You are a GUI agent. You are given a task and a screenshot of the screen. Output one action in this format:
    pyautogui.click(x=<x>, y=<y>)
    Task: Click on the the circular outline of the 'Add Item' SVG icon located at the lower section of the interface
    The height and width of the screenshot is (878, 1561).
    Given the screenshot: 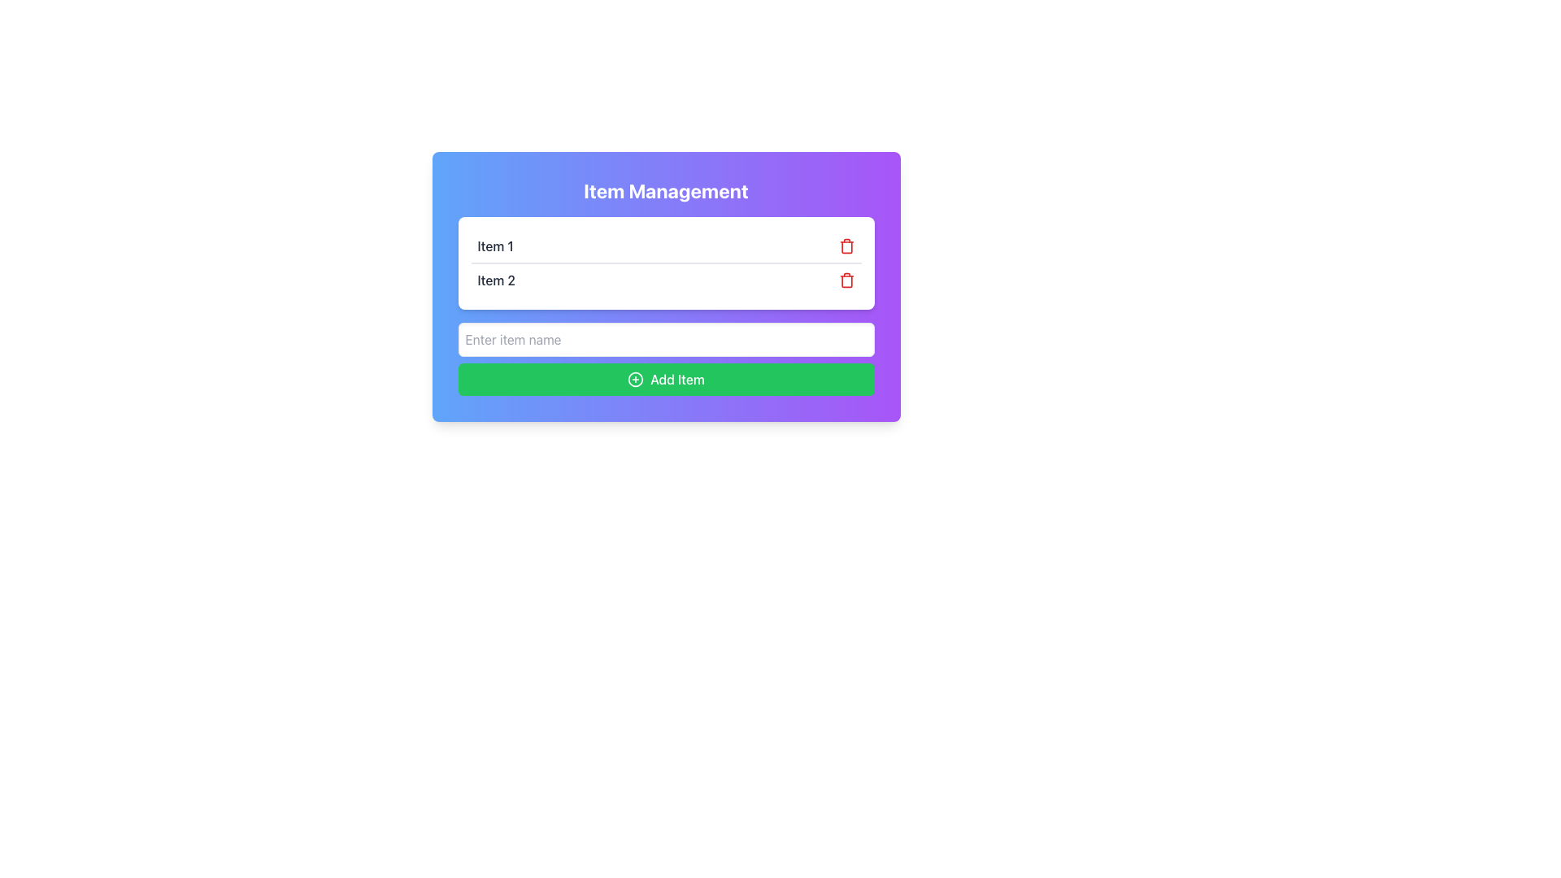 What is the action you would take?
    pyautogui.click(x=635, y=379)
    